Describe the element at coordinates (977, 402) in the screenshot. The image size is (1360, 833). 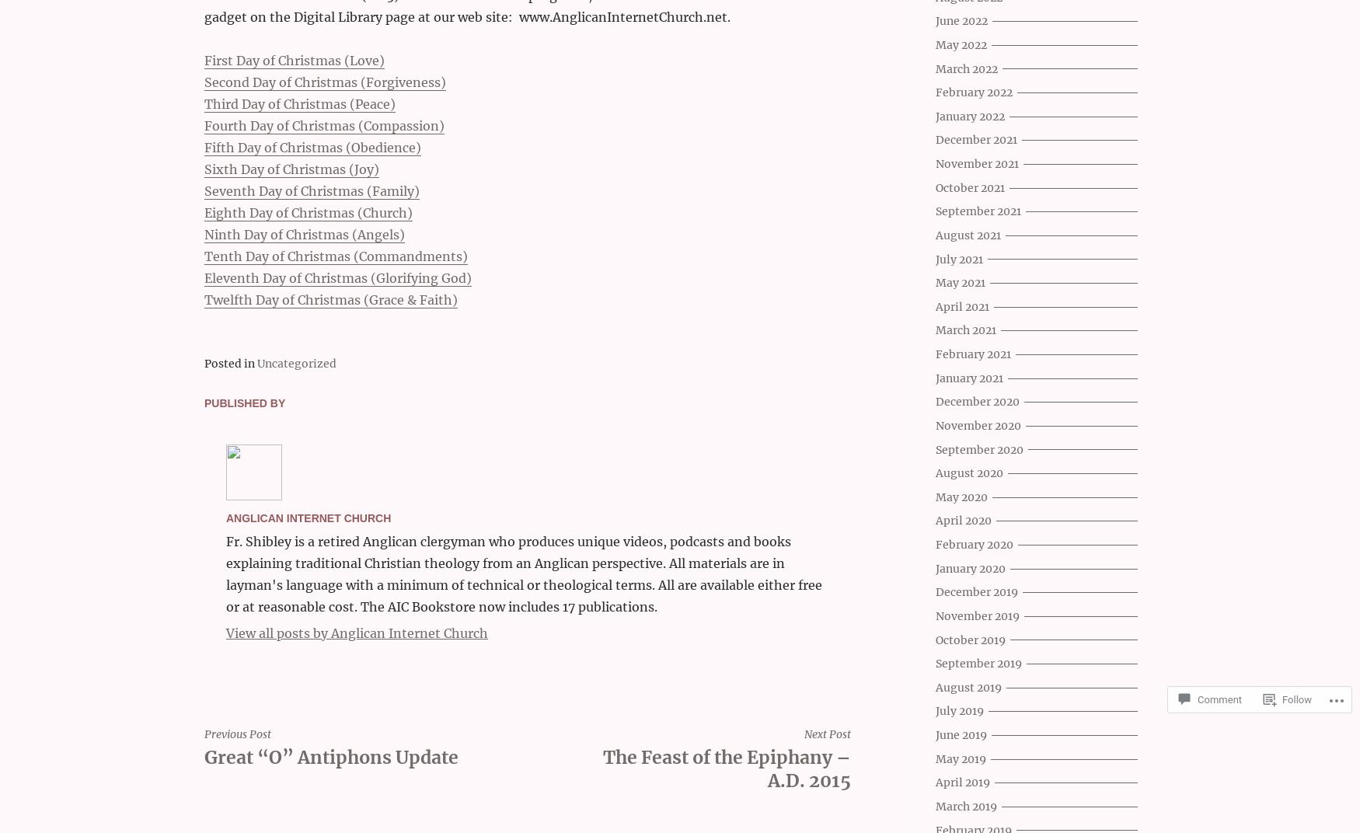
I see `'December 2020'` at that location.